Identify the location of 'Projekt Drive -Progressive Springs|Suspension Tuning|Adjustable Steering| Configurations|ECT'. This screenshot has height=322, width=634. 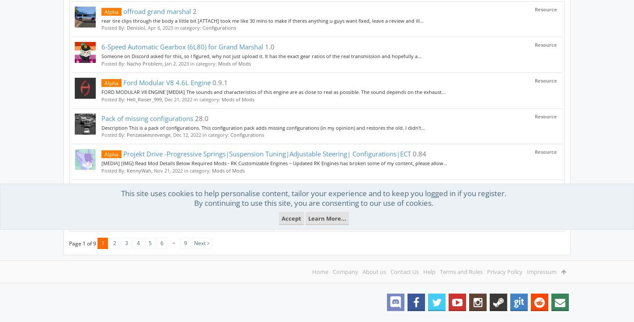
(266, 153).